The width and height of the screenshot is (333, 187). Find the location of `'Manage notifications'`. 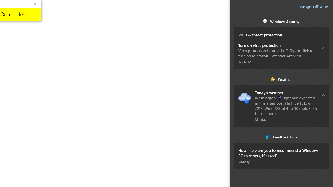

'Manage notifications' is located at coordinates (314, 6).